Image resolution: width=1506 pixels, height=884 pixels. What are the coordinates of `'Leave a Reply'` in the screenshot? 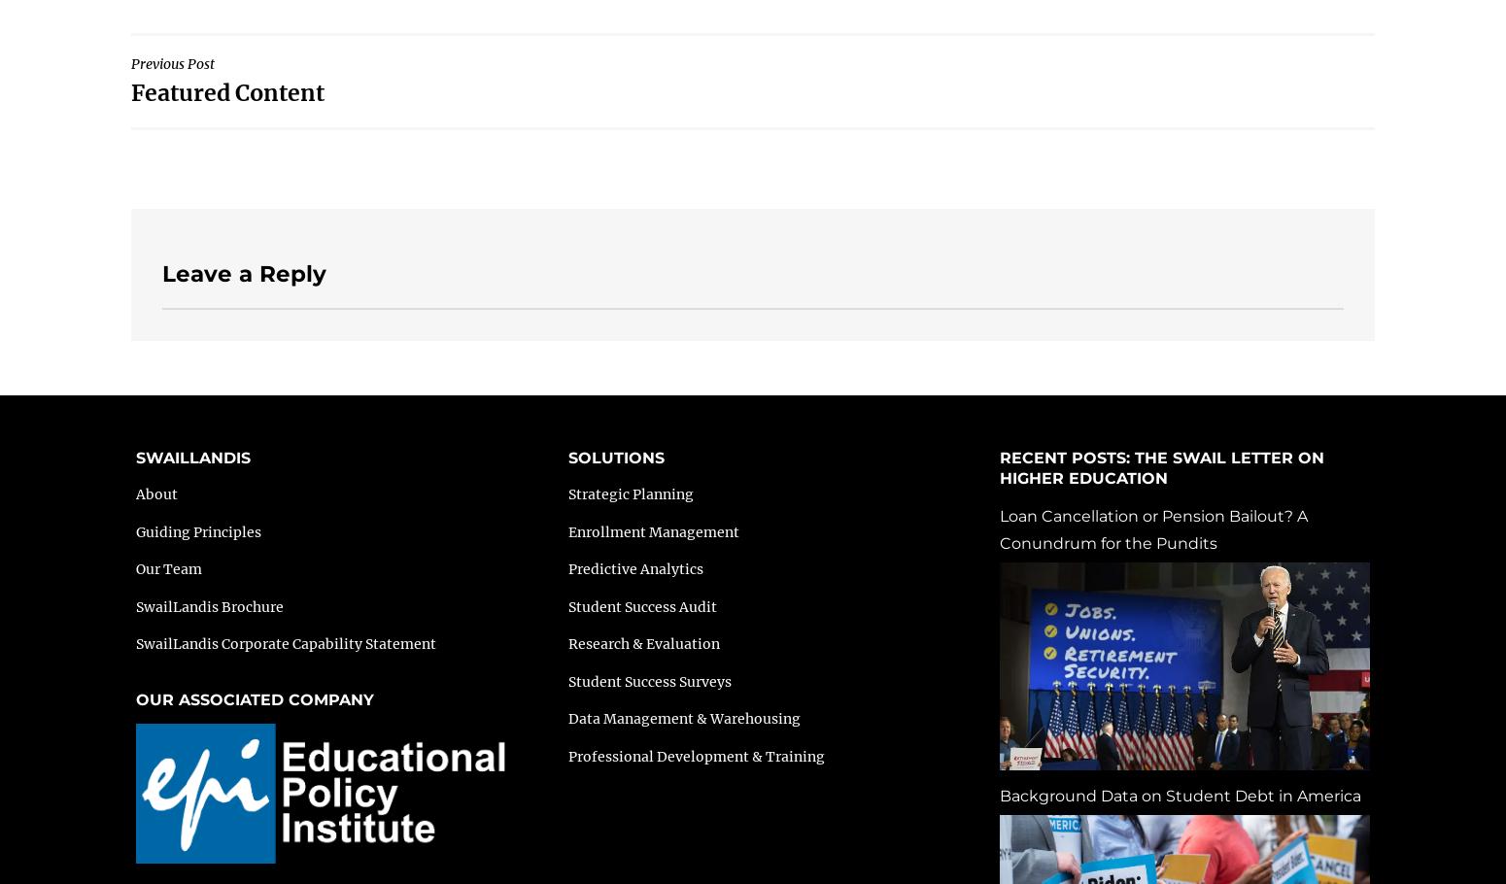 It's located at (244, 272).